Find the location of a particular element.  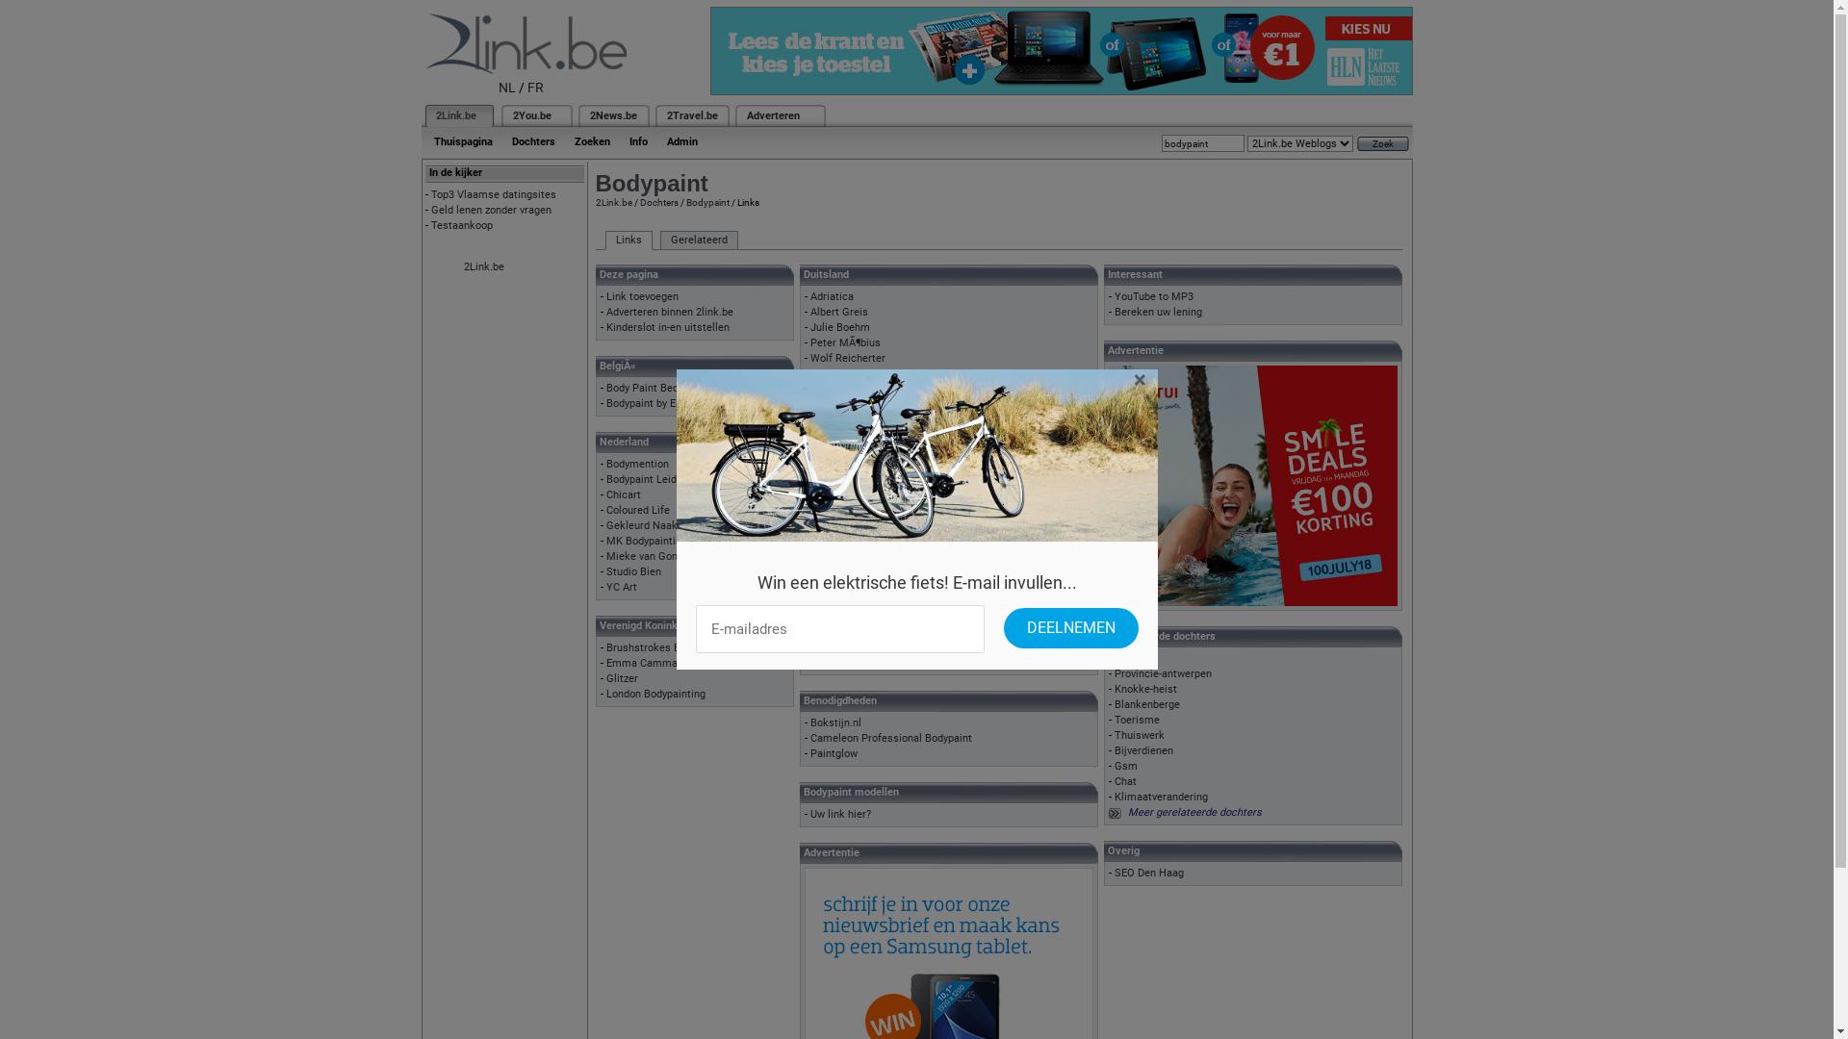

'SEO Den Haag' is located at coordinates (1114, 873).